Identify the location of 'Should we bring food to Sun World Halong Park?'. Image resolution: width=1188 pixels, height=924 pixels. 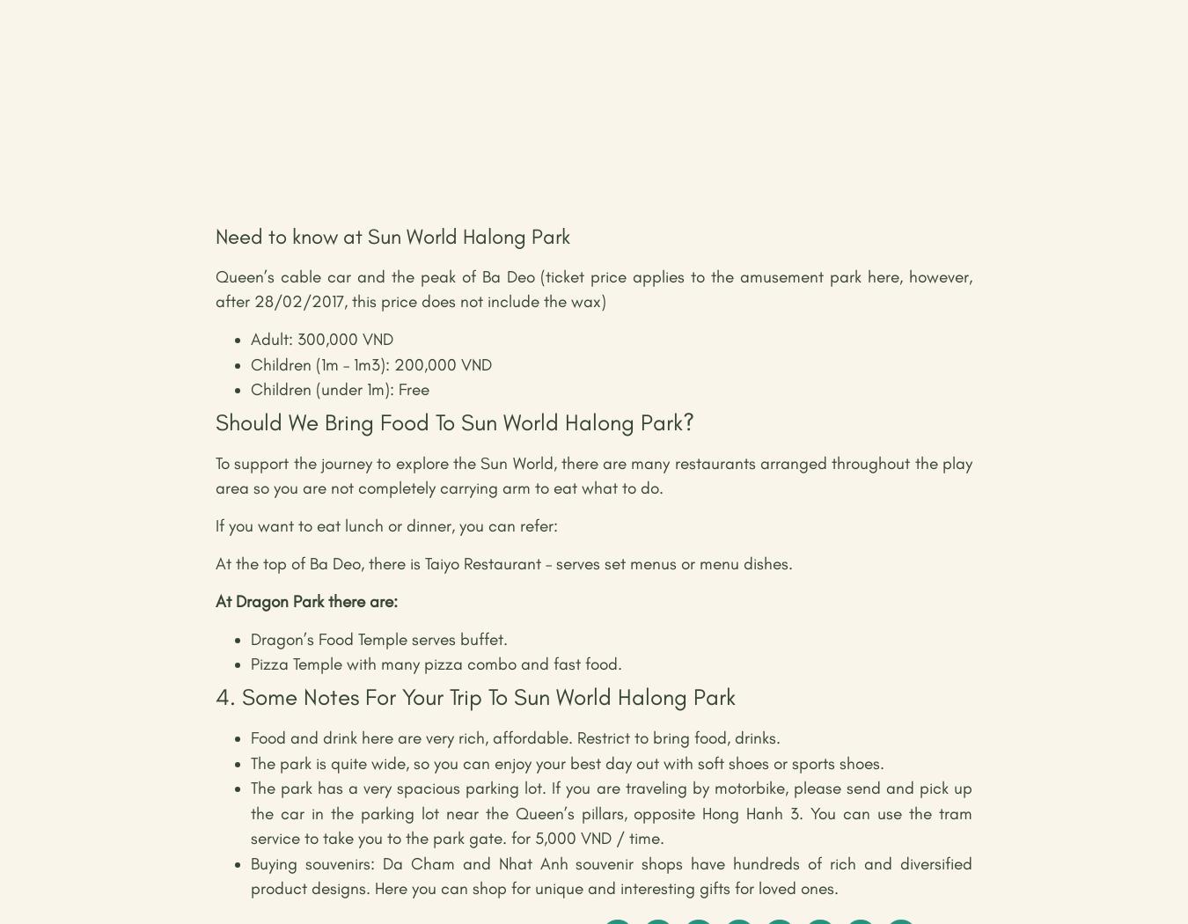
(454, 422).